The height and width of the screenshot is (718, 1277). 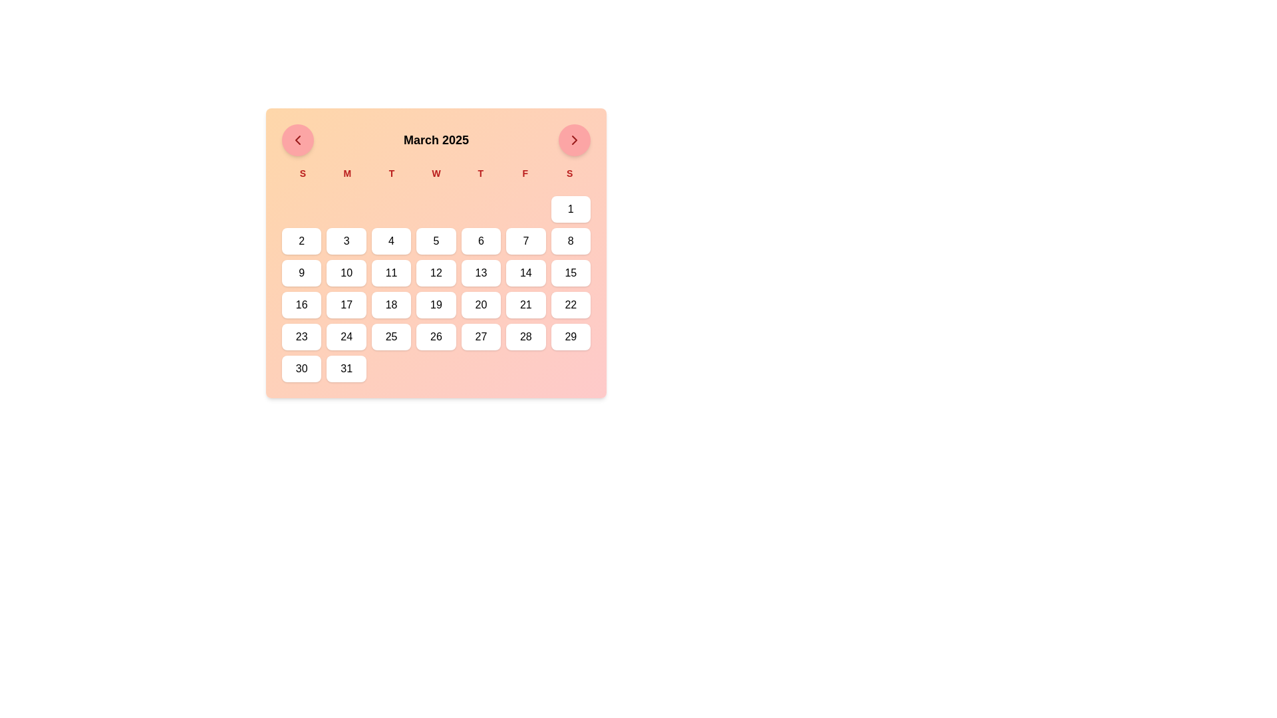 I want to click on the button representing the date '8', so click(x=571, y=241).